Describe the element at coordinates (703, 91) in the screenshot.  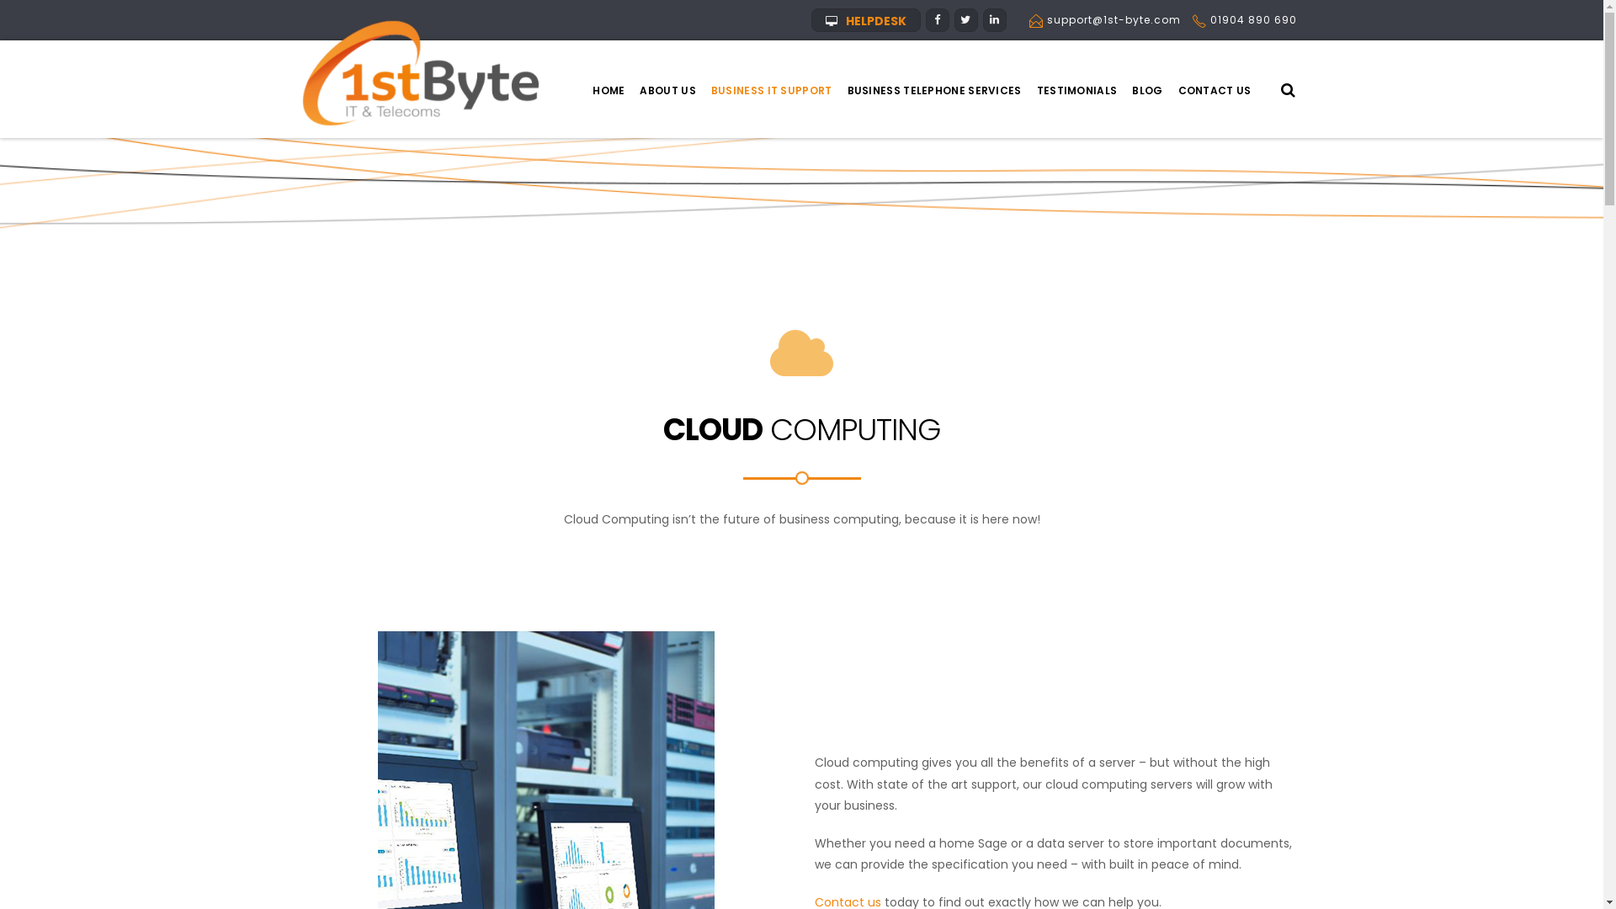
I see `'BUSINESS IT SUPPORT'` at that location.